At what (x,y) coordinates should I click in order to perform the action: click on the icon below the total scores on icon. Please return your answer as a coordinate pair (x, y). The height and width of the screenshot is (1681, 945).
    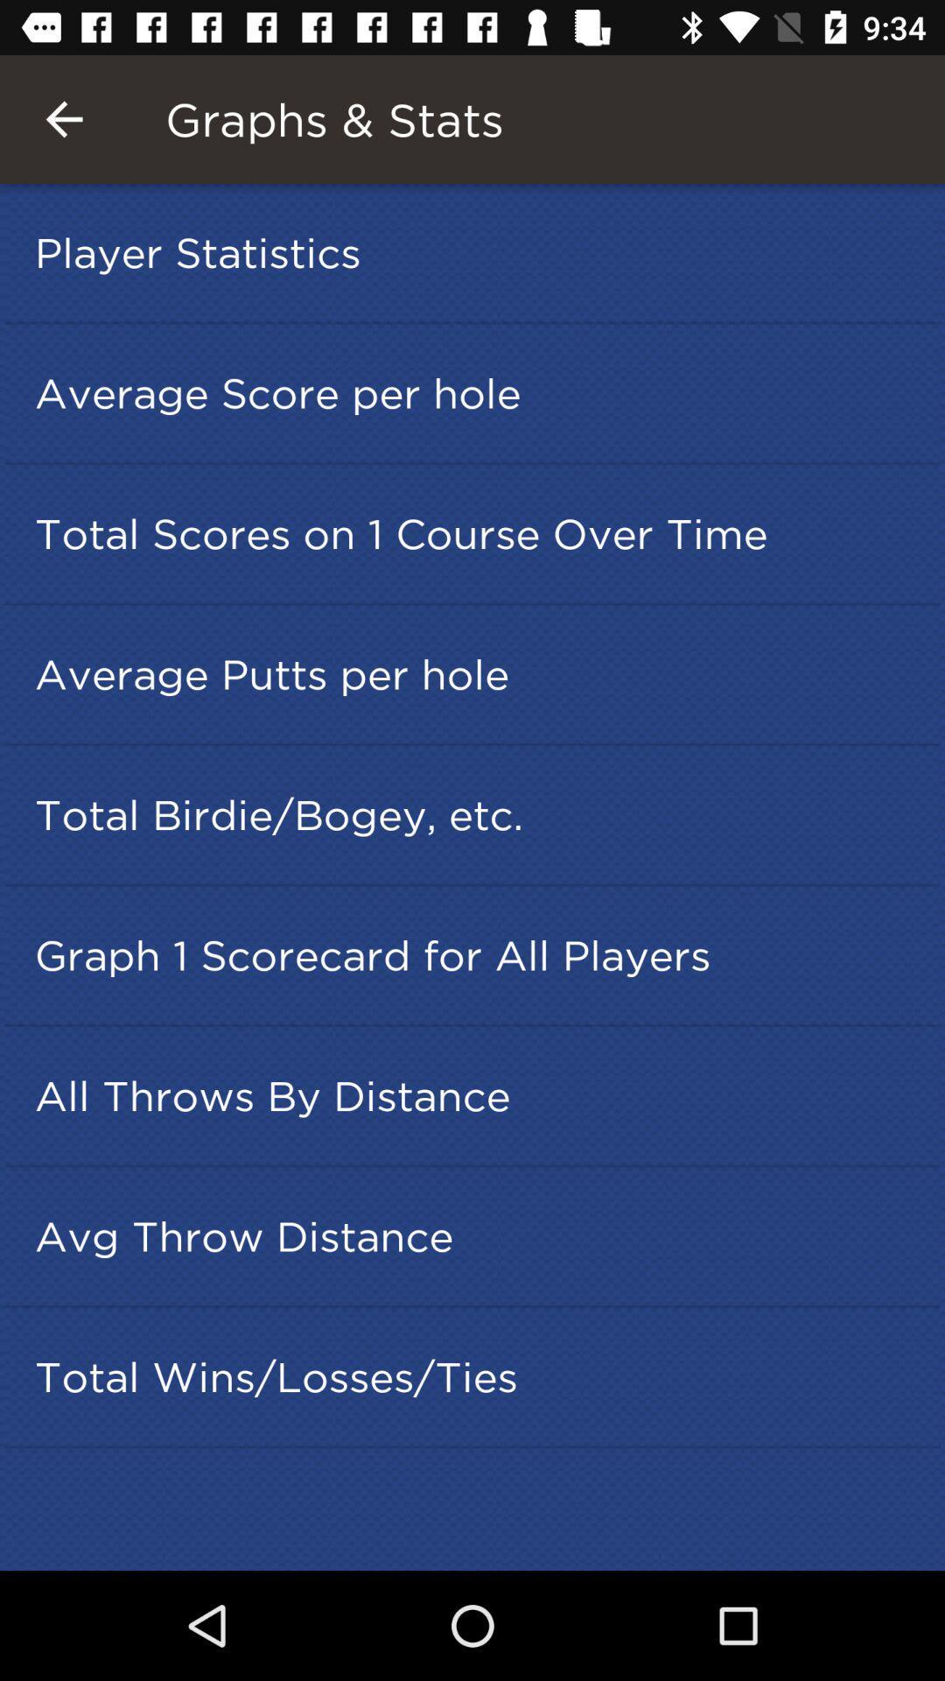
    Looking at the image, I should click on (478, 673).